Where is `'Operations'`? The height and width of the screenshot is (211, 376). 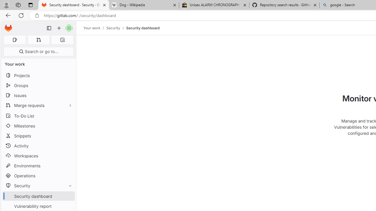
'Operations' is located at coordinates (38, 175).